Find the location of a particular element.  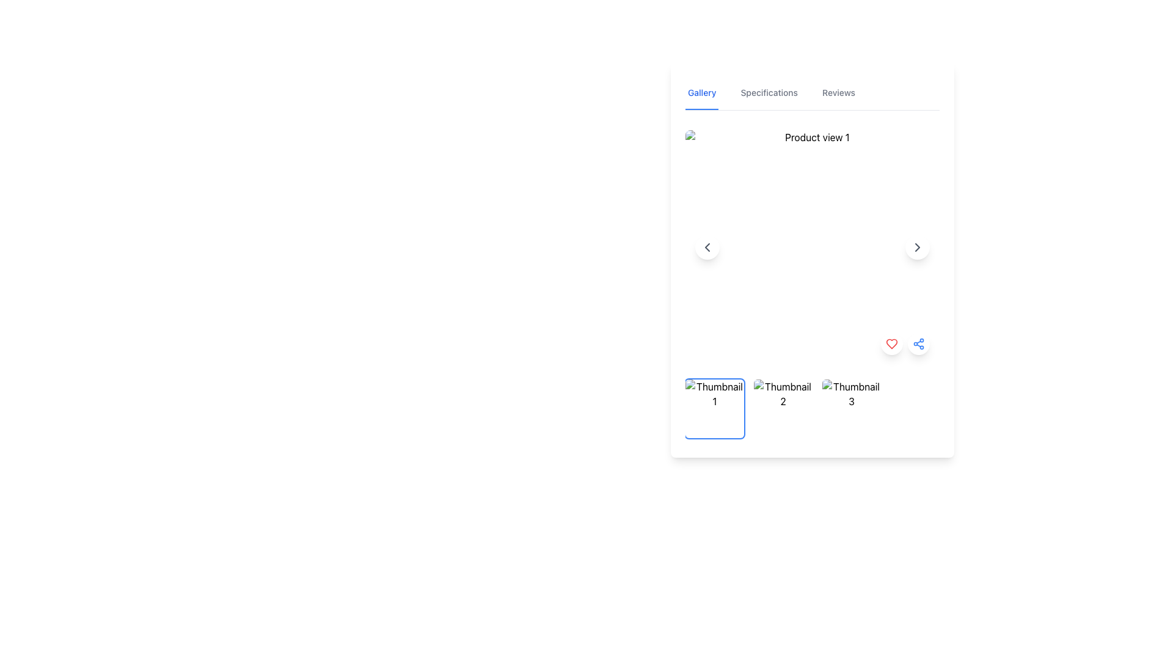

the 'Favorite' or 'Like' SVG icon located in the bottom right corner of the interactive card section is located at coordinates (891, 344).